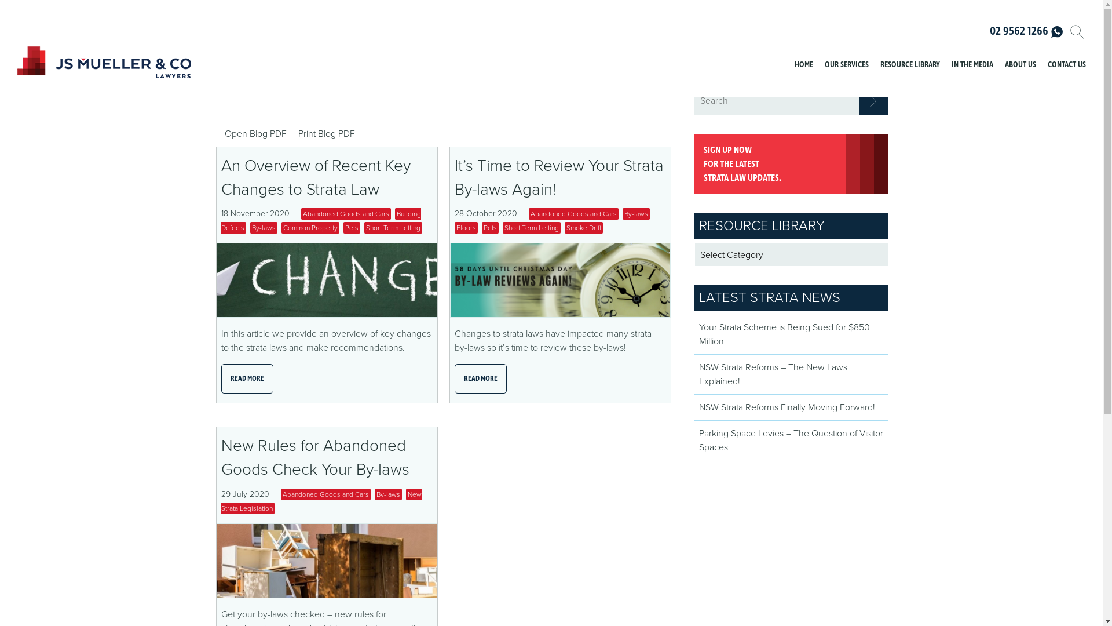  What do you see at coordinates (794, 66) in the screenshot?
I see `'HOME'` at bounding box center [794, 66].